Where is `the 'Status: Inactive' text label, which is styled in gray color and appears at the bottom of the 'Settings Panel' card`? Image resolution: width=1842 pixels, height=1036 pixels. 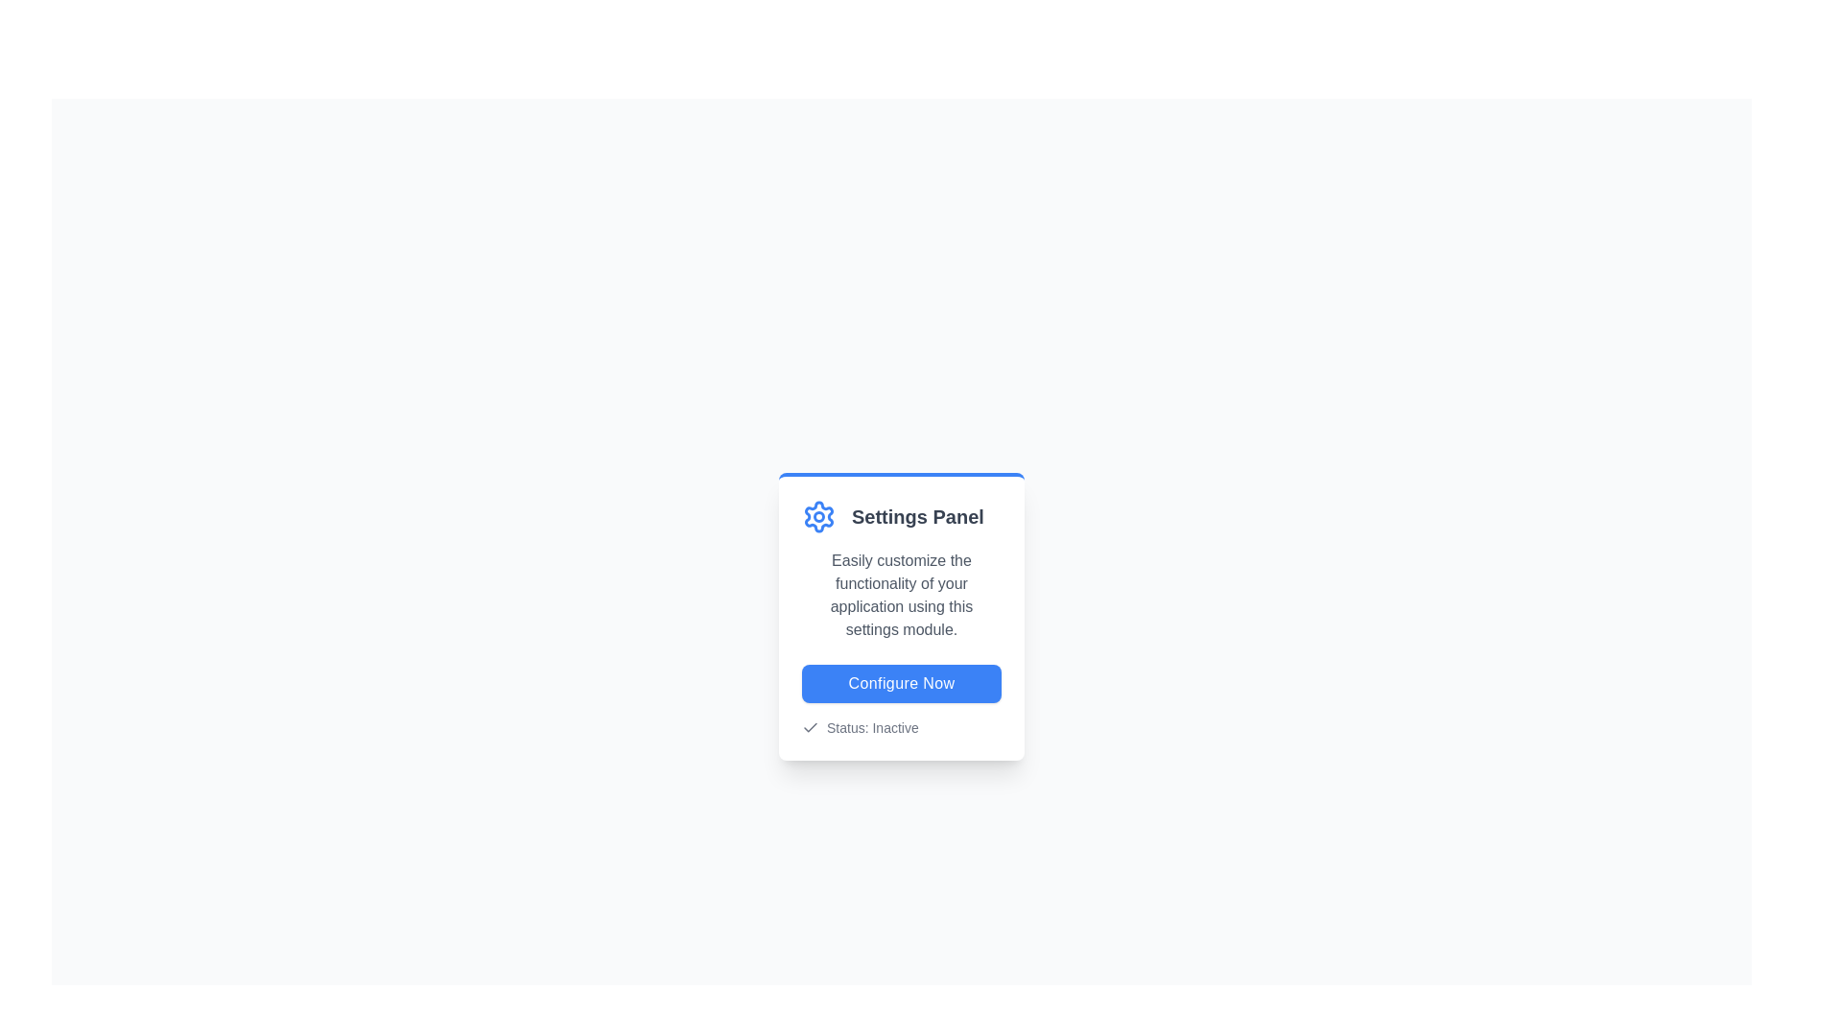
the 'Status: Inactive' text label, which is styled in gray color and appears at the bottom of the 'Settings Panel' card is located at coordinates (901, 728).